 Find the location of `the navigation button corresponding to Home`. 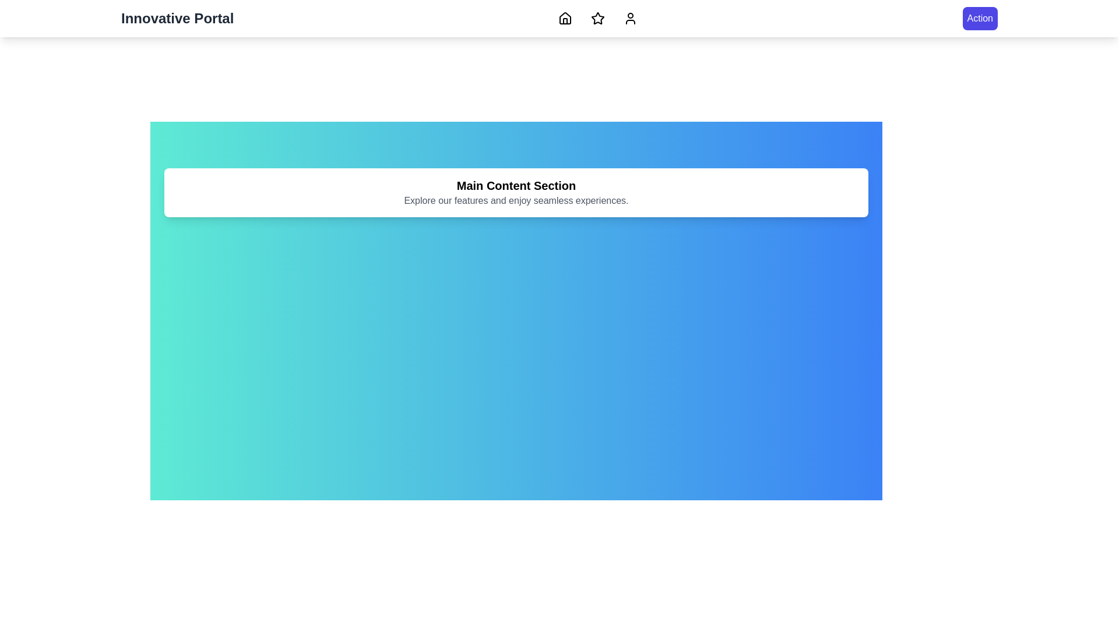

the navigation button corresponding to Home is located at coordinates (565, 18).